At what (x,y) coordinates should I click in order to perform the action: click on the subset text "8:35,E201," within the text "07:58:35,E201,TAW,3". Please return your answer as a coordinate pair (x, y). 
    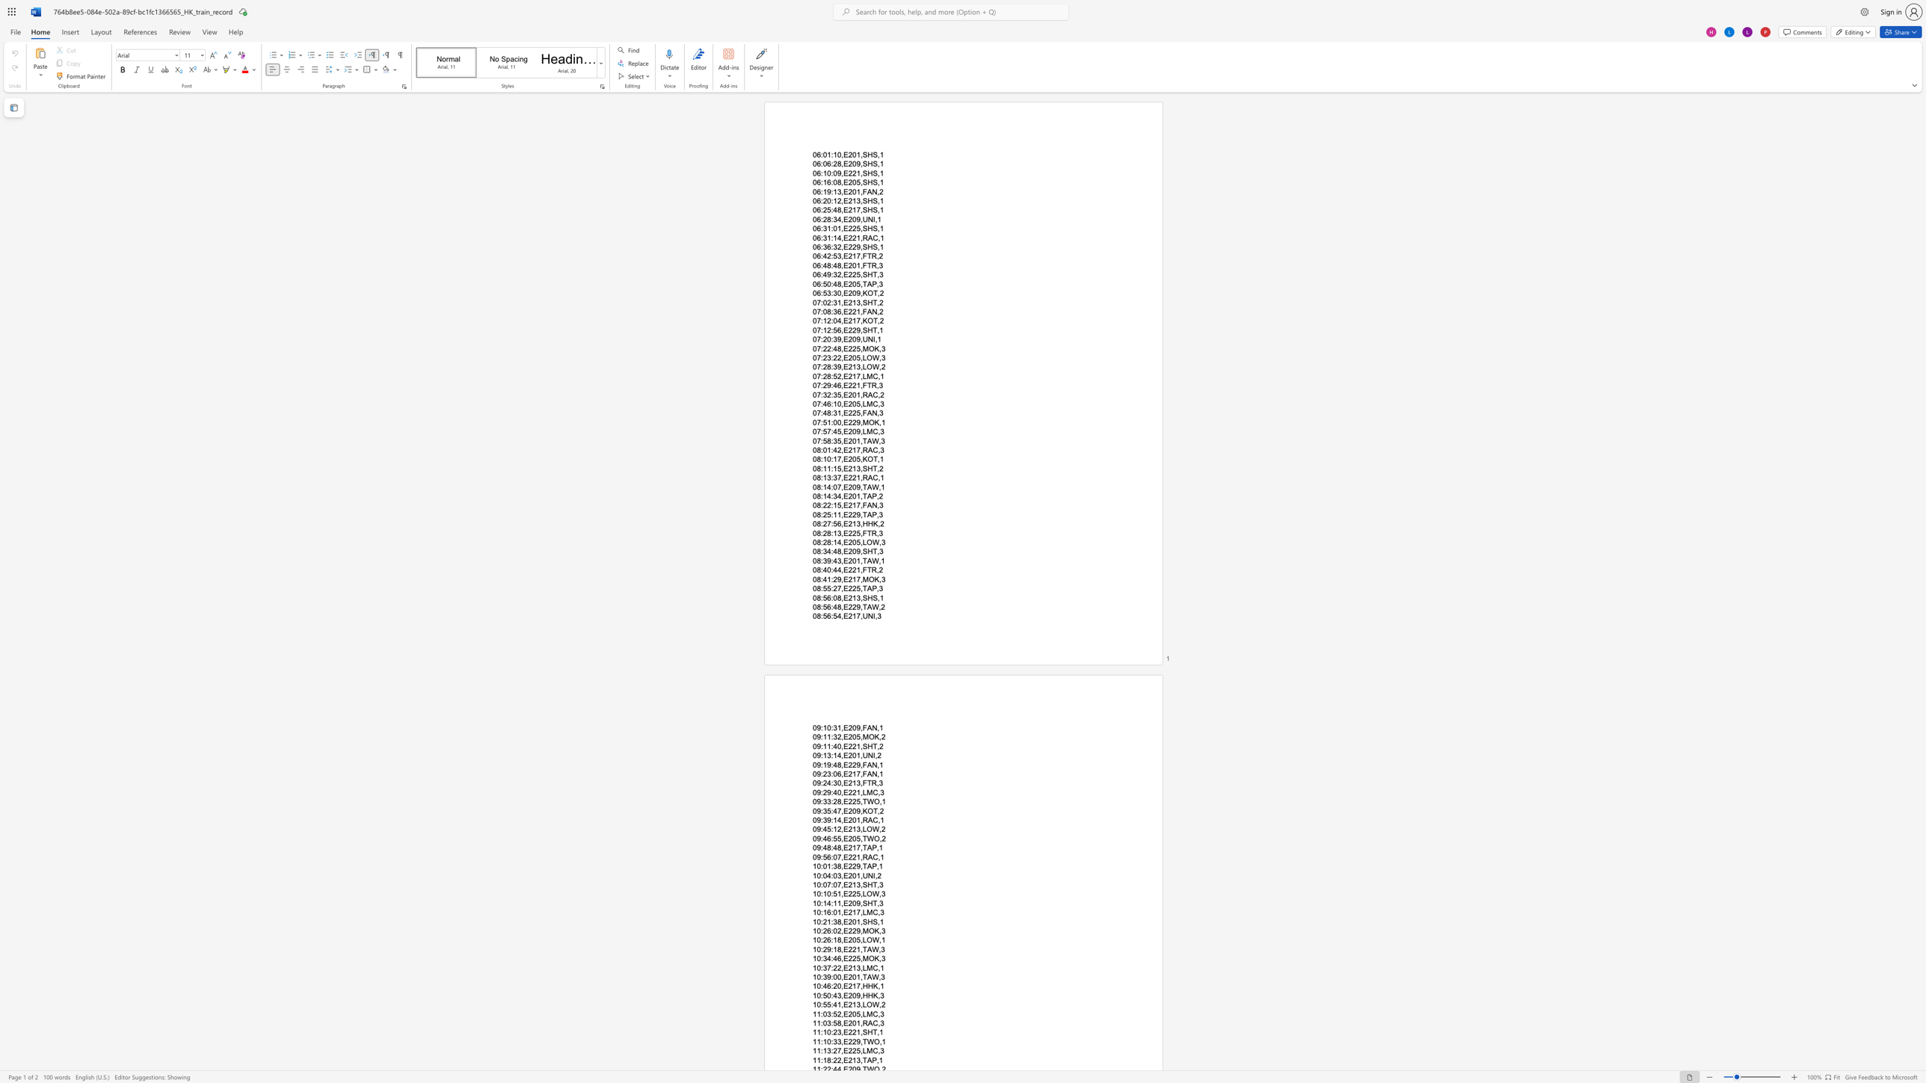
    Looking at the image, I should click on (827, 439).